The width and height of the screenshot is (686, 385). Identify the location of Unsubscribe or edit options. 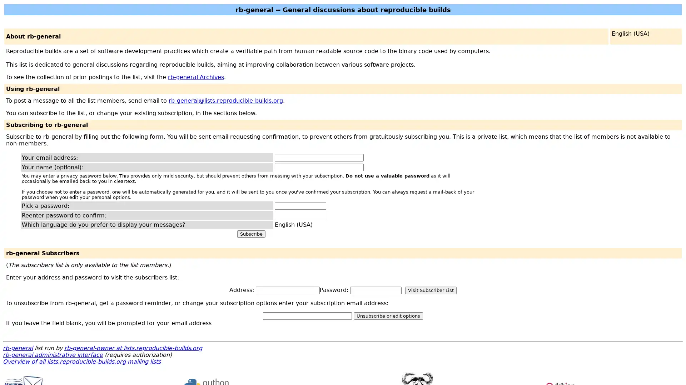
(388, 315).